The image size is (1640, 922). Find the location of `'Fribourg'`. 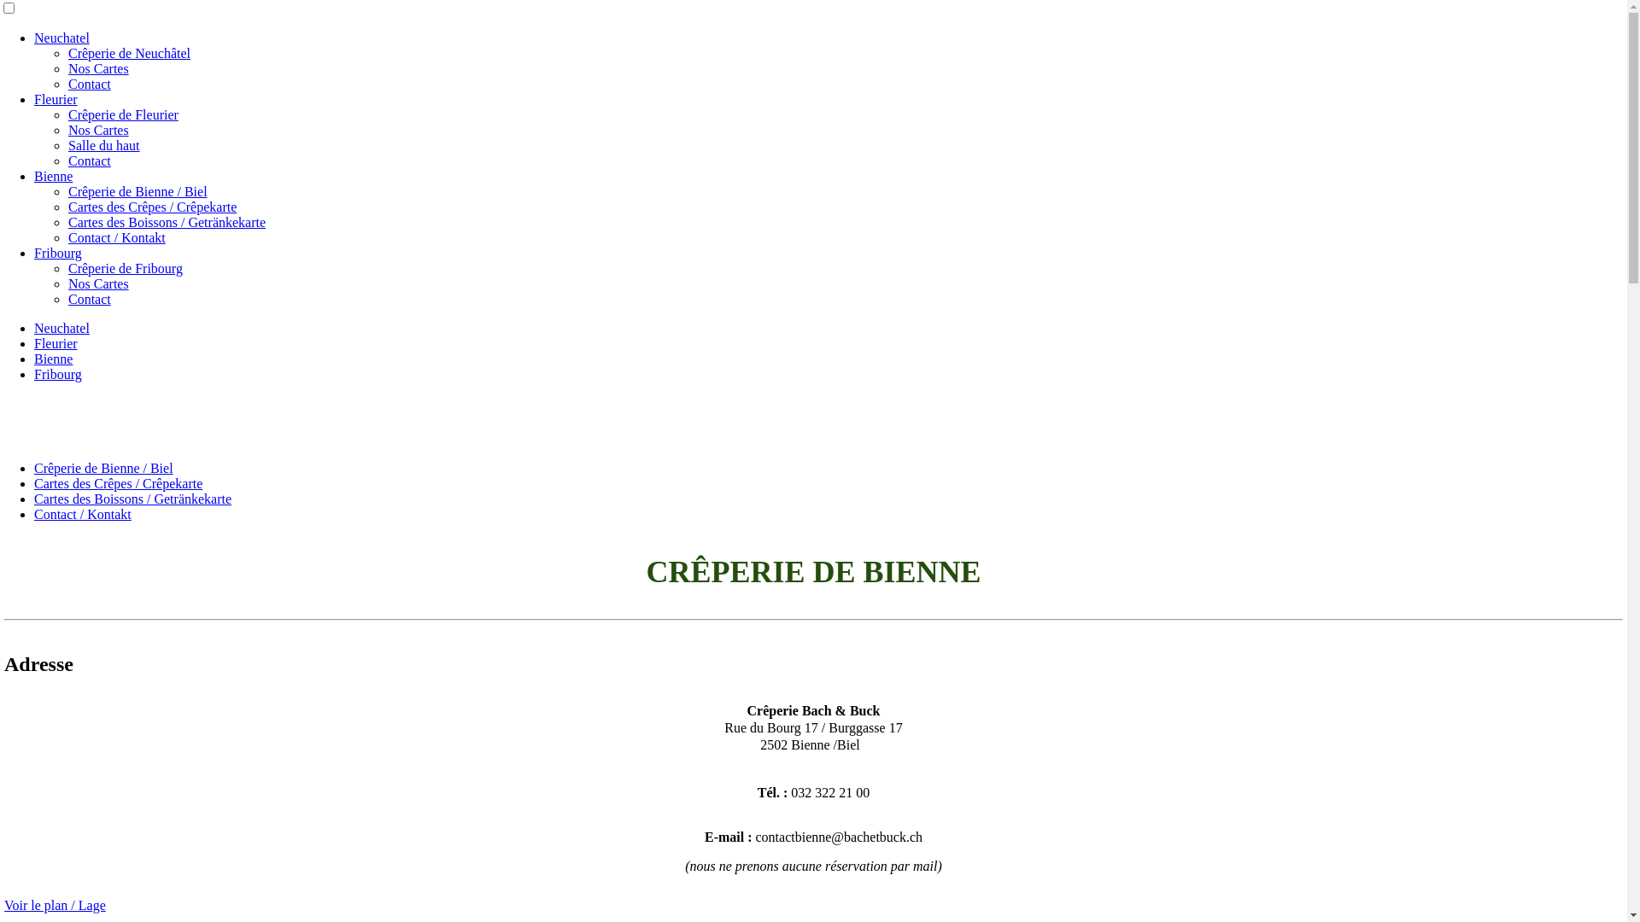

'Fribourg' is located at coordinates (33, 253).